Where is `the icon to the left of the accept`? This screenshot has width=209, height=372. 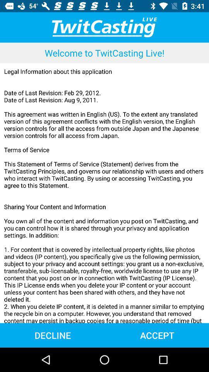
the icon to the left of the accept is located at coordinates (52, 335).